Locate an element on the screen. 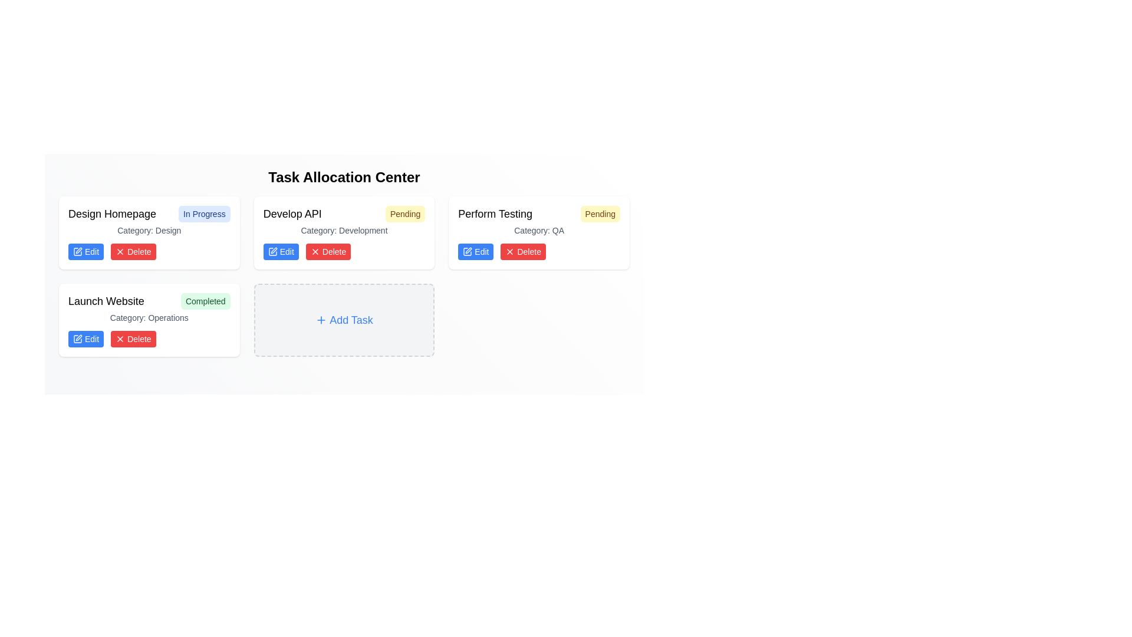  the 'Add Task' button, which is a rectangular box with a dashed border, light gray background, blue plus icon, and blue capitalized text is located at coordinates (344, 320).